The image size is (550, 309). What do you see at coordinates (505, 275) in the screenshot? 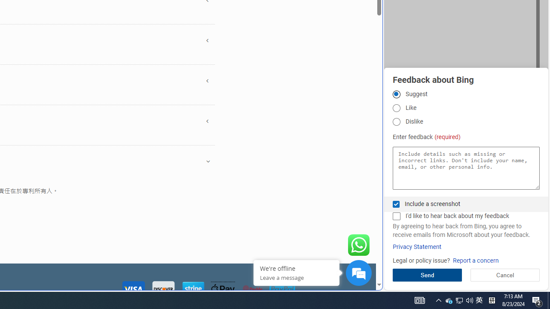
I see `'Cancel'` at bounding box center [505, 275].